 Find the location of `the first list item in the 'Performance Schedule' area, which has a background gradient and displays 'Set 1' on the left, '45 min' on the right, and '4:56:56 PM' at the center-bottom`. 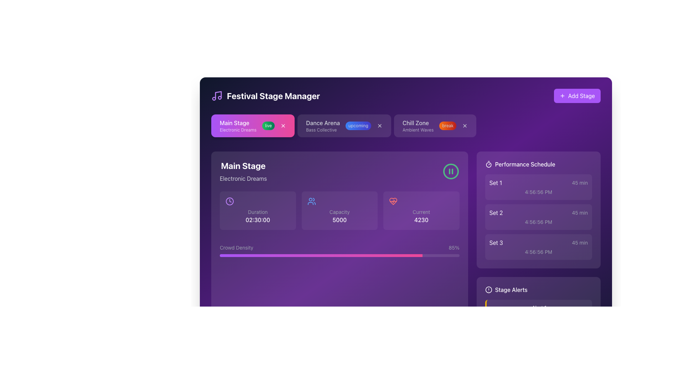

the first list item in the 'Performance Schedule' area, which has a background gradient and displays 'Set 1' on the left, '45 min' on the right, and '4:56:56 PM' at the center-bottom is located at coordinates (538, 186).